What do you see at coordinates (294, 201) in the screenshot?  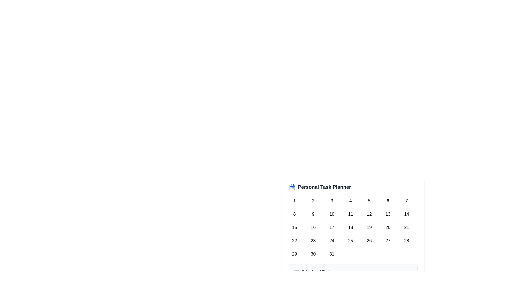 I see `the circular button labeled '1'` at bounding box center [294, 201].